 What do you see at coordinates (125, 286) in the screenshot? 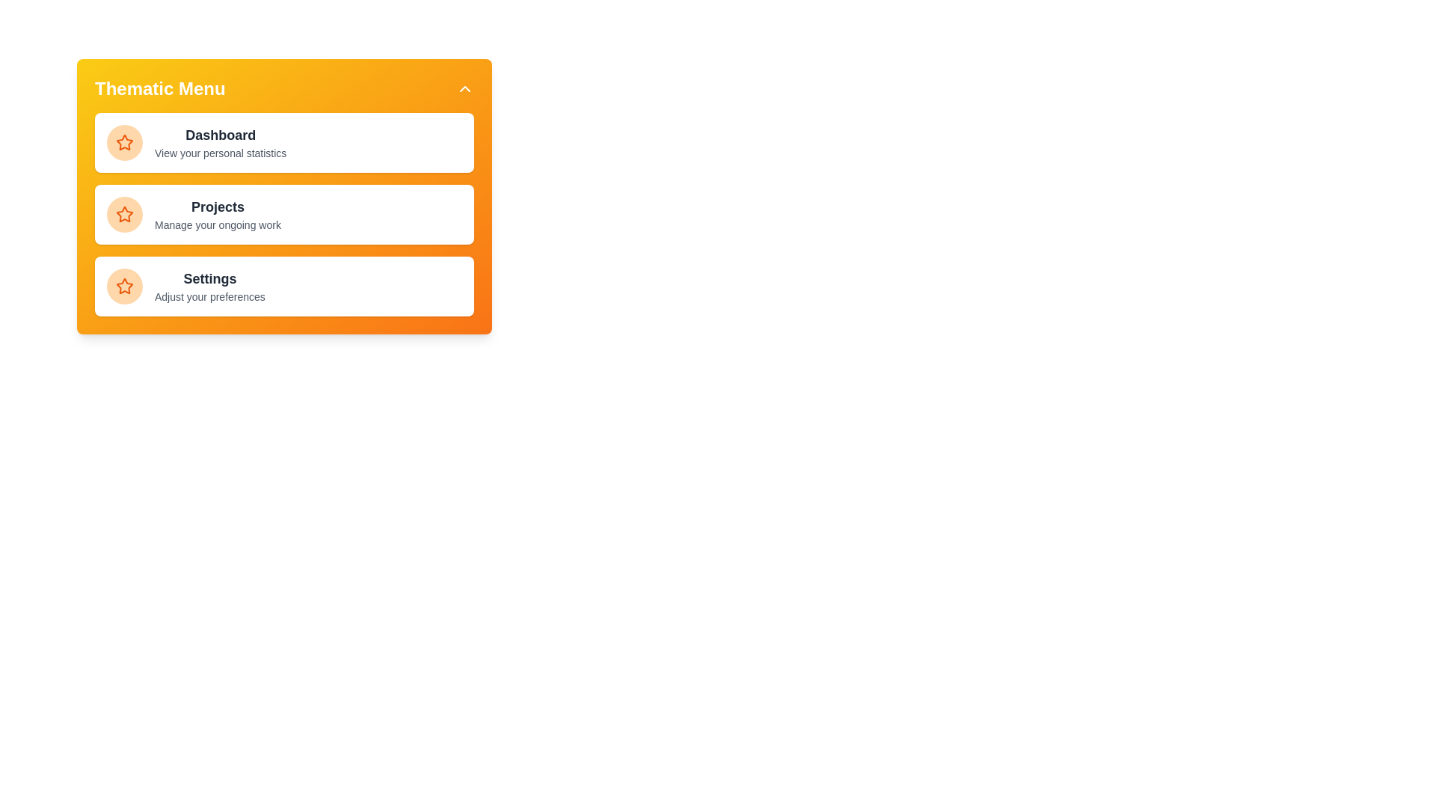
I see `the icon next to the menu item Settings` at bounding box center [125, 286].